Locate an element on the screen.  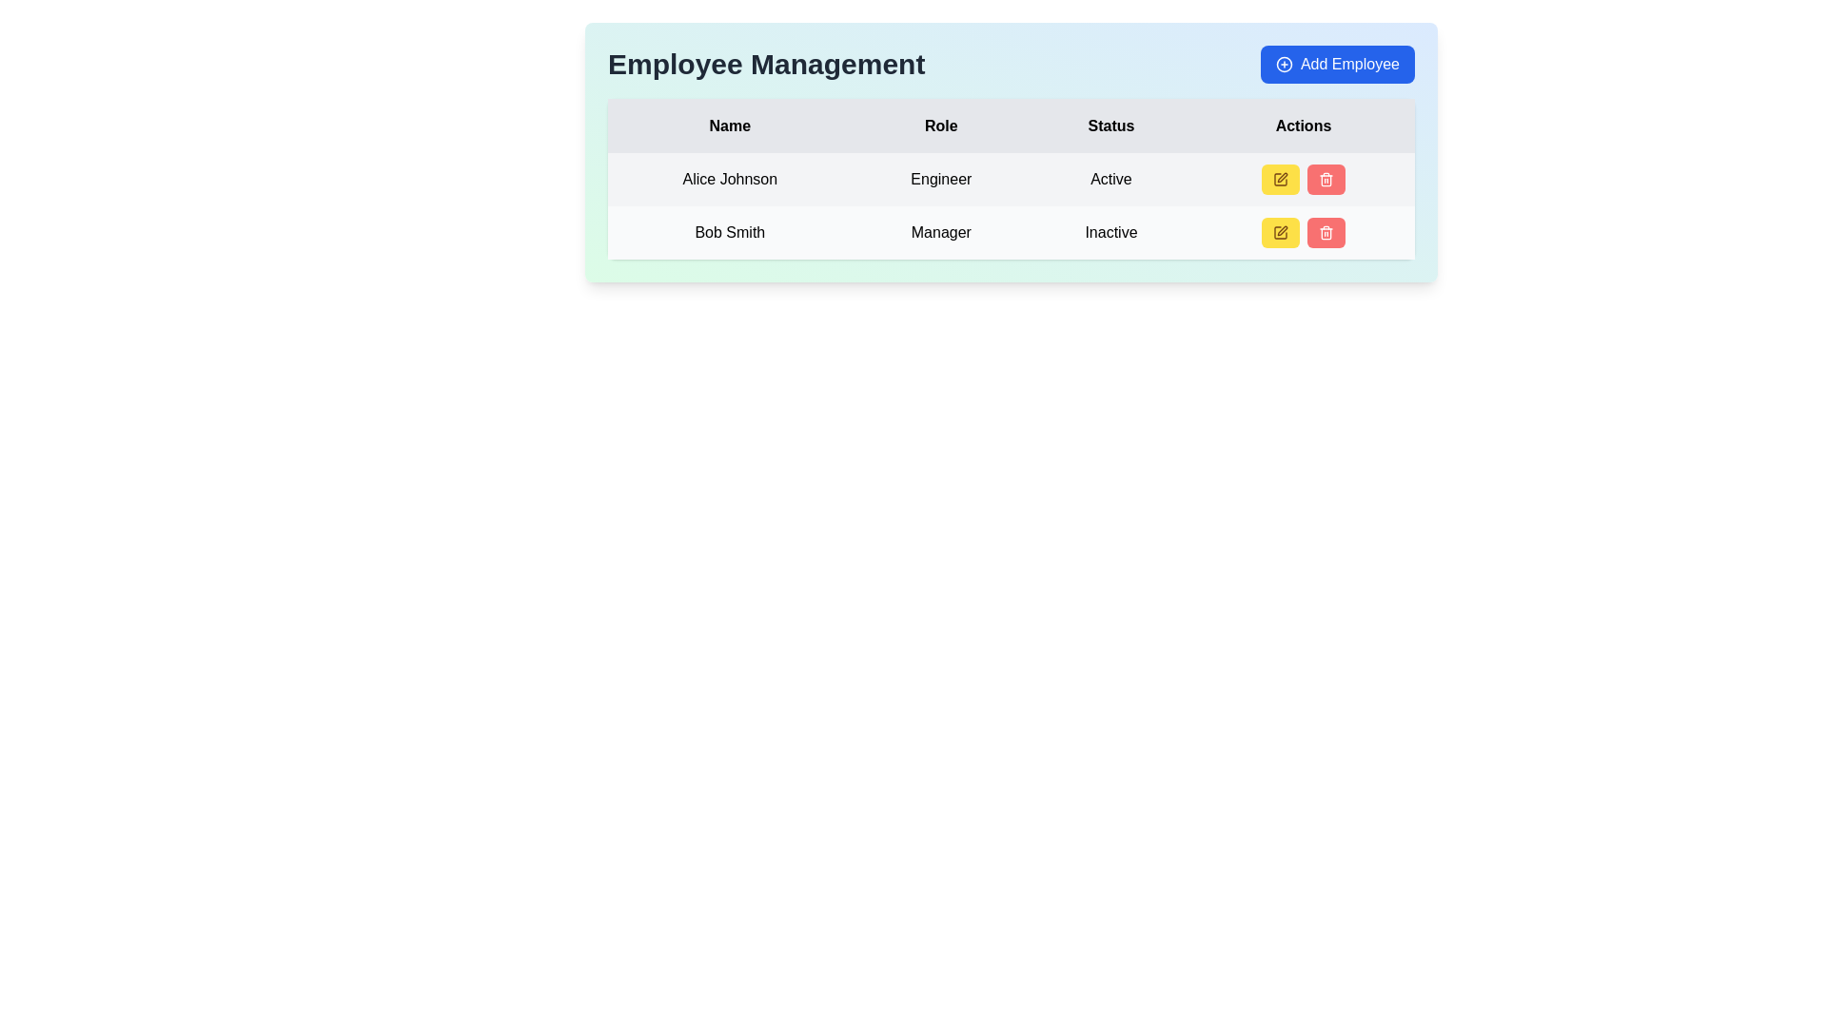
the edit button with a yellow background and a pencil icon in the 'Actions' column of the table for 'Bob Smith', the Manager is located at coordinates (1302, 232).